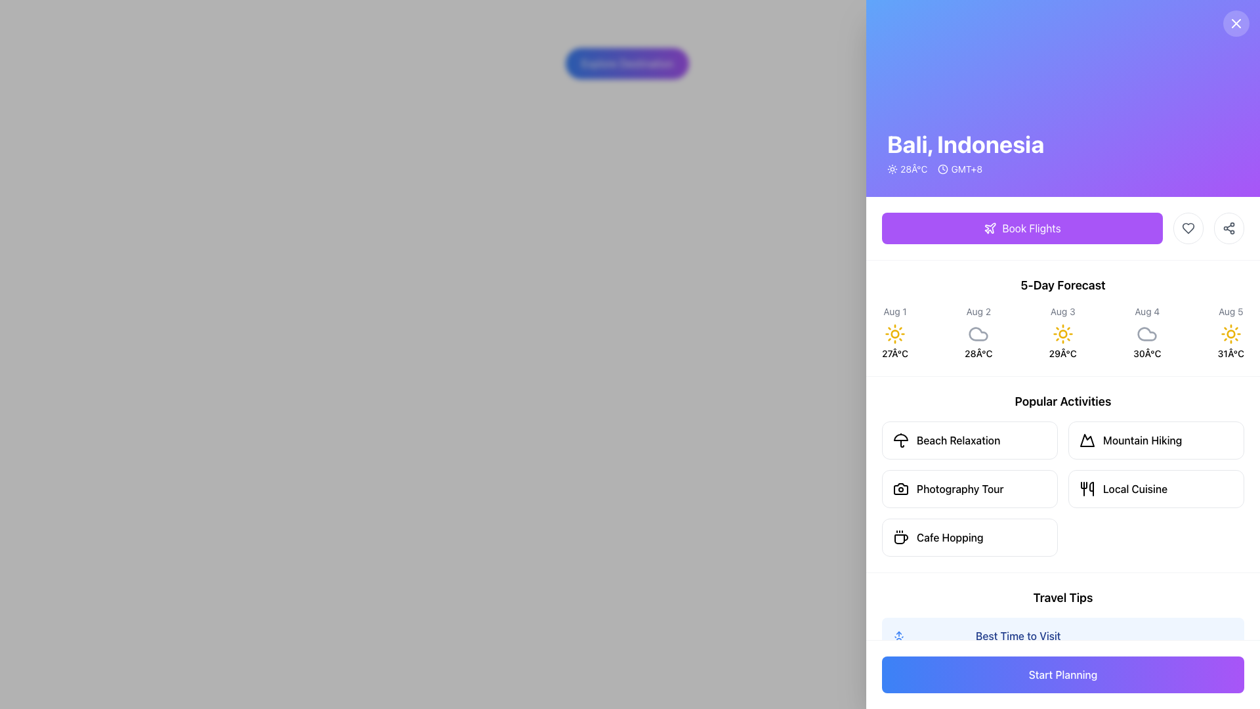  What do you see at coordinates (894, 353) in the screenshot?
I see `the static text element displaying the temperature value for August 1 (27°C) located below the sun icon in the first column of the 5-day forecast grid` at bounding box center [894, 353].